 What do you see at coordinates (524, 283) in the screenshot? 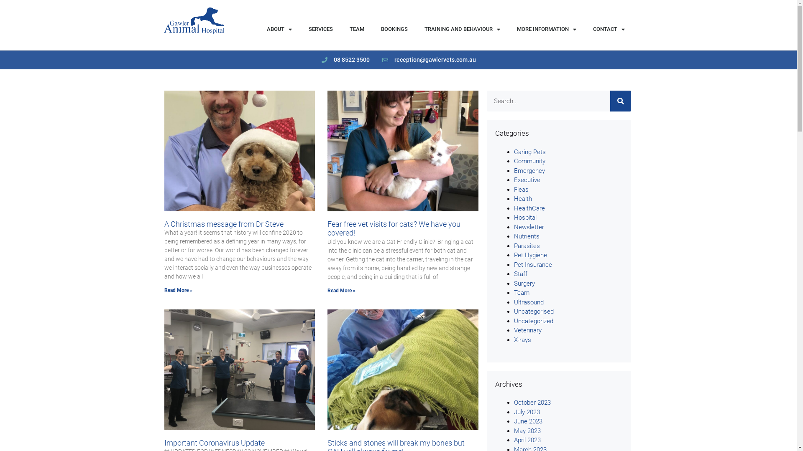
I see `'Surgery'` at bounding box center [524, 283].